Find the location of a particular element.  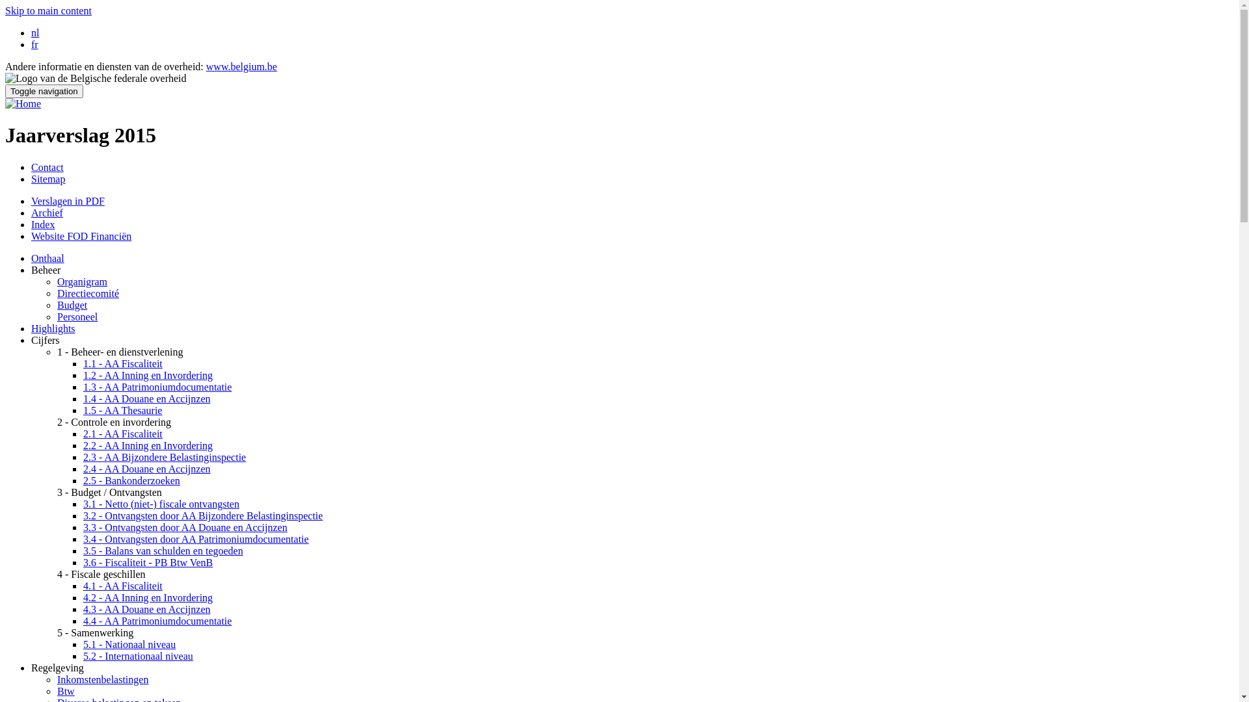

'Toggle navigation' is located at coordinates (44, 90).